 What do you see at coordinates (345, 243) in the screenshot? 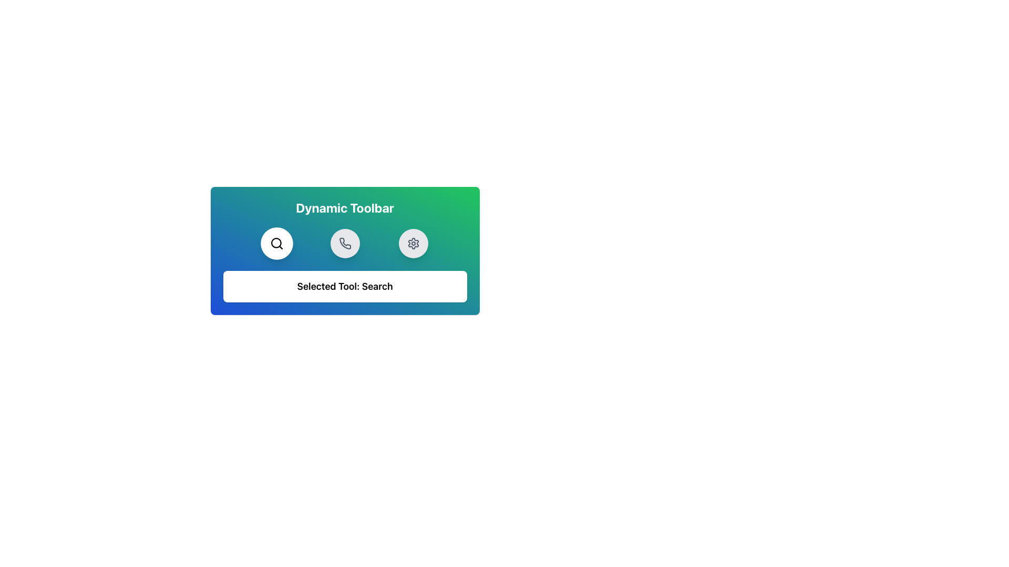
I see `on the circular button with a gray background and phone icon, which is the second button in a horizontal row of three buttons in the 'Dynamic Toolbar'` at bounding box center [345, 243].